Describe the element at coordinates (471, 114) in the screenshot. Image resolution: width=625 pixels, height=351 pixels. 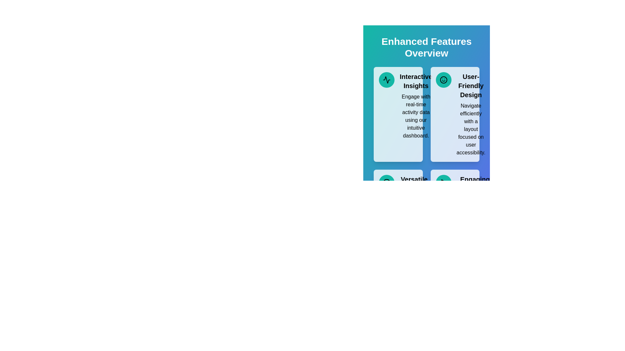
I see `the text-based informational content element located within the second card of the 'Enhanced Features Overview' section, which provides details about the user-friendly design of the interface` at that location.